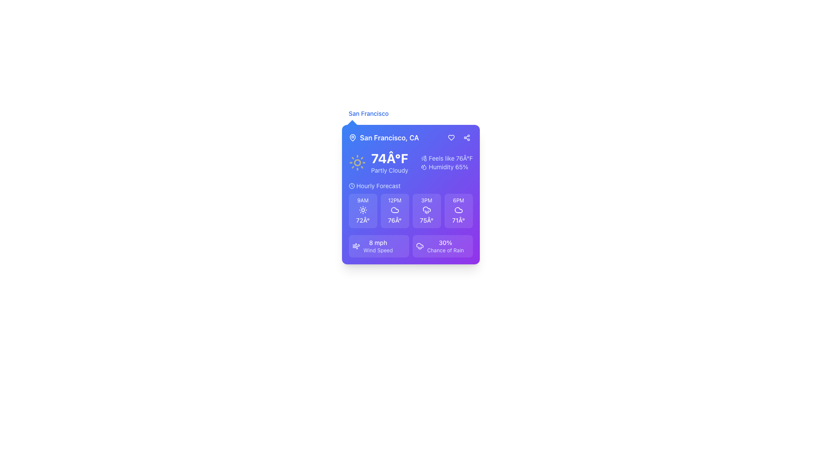  Describe the element at coordinates (445, 242) in the screenshot. I see `the static textual label that represents the 'Chance of Rain' percentage in the lower-right area of the widget card` at that location.